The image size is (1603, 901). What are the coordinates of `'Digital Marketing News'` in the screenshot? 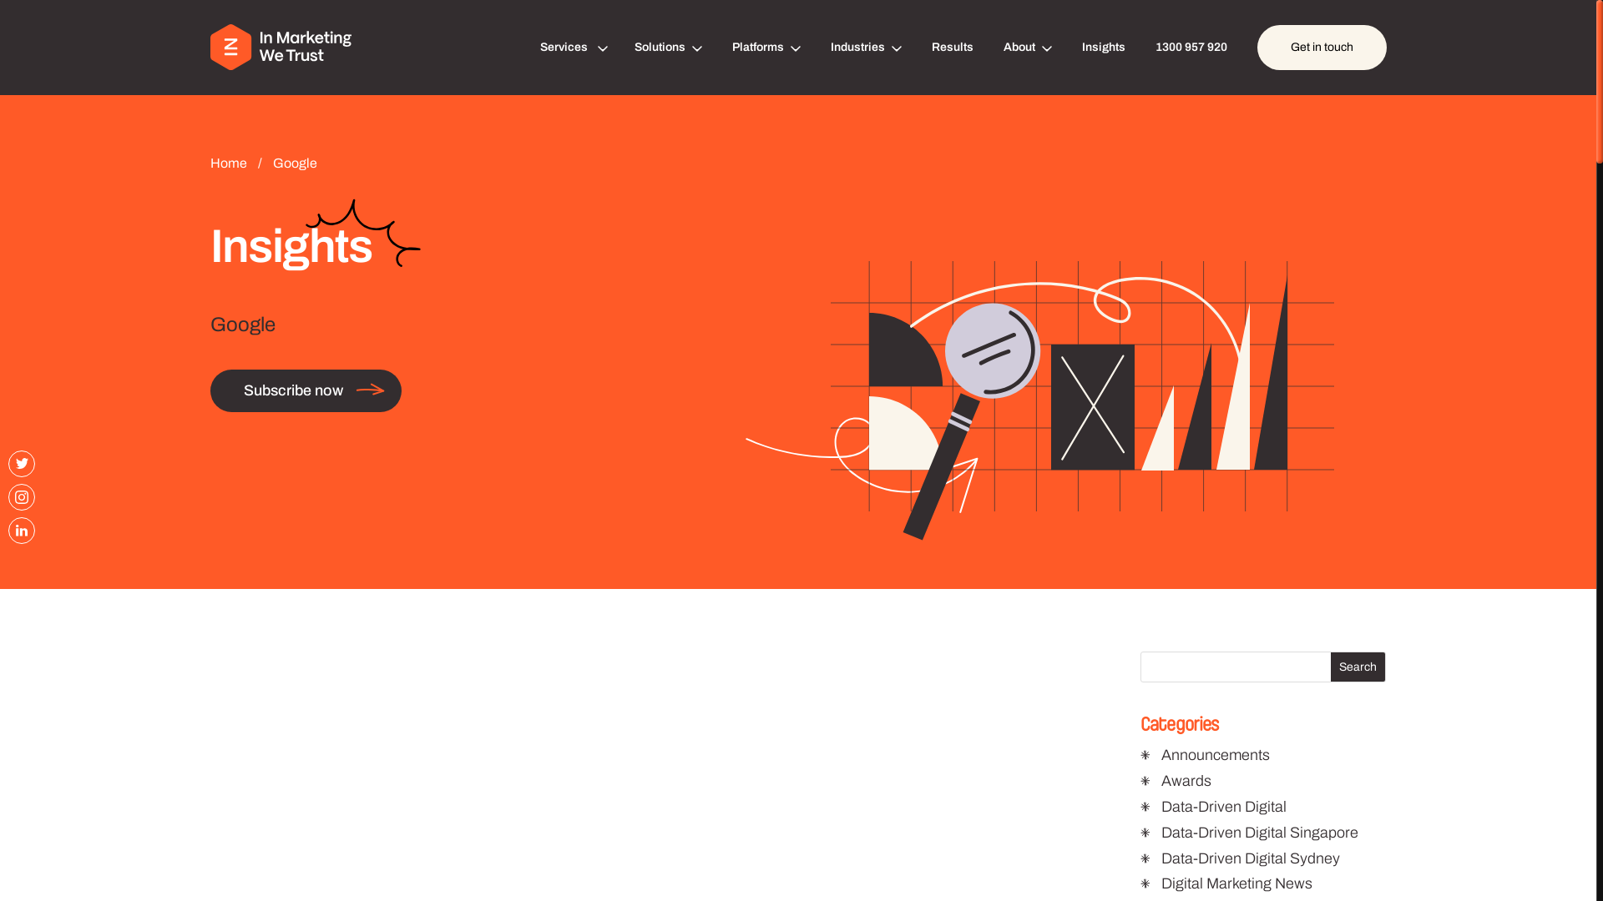 It's located at (1236, 883).